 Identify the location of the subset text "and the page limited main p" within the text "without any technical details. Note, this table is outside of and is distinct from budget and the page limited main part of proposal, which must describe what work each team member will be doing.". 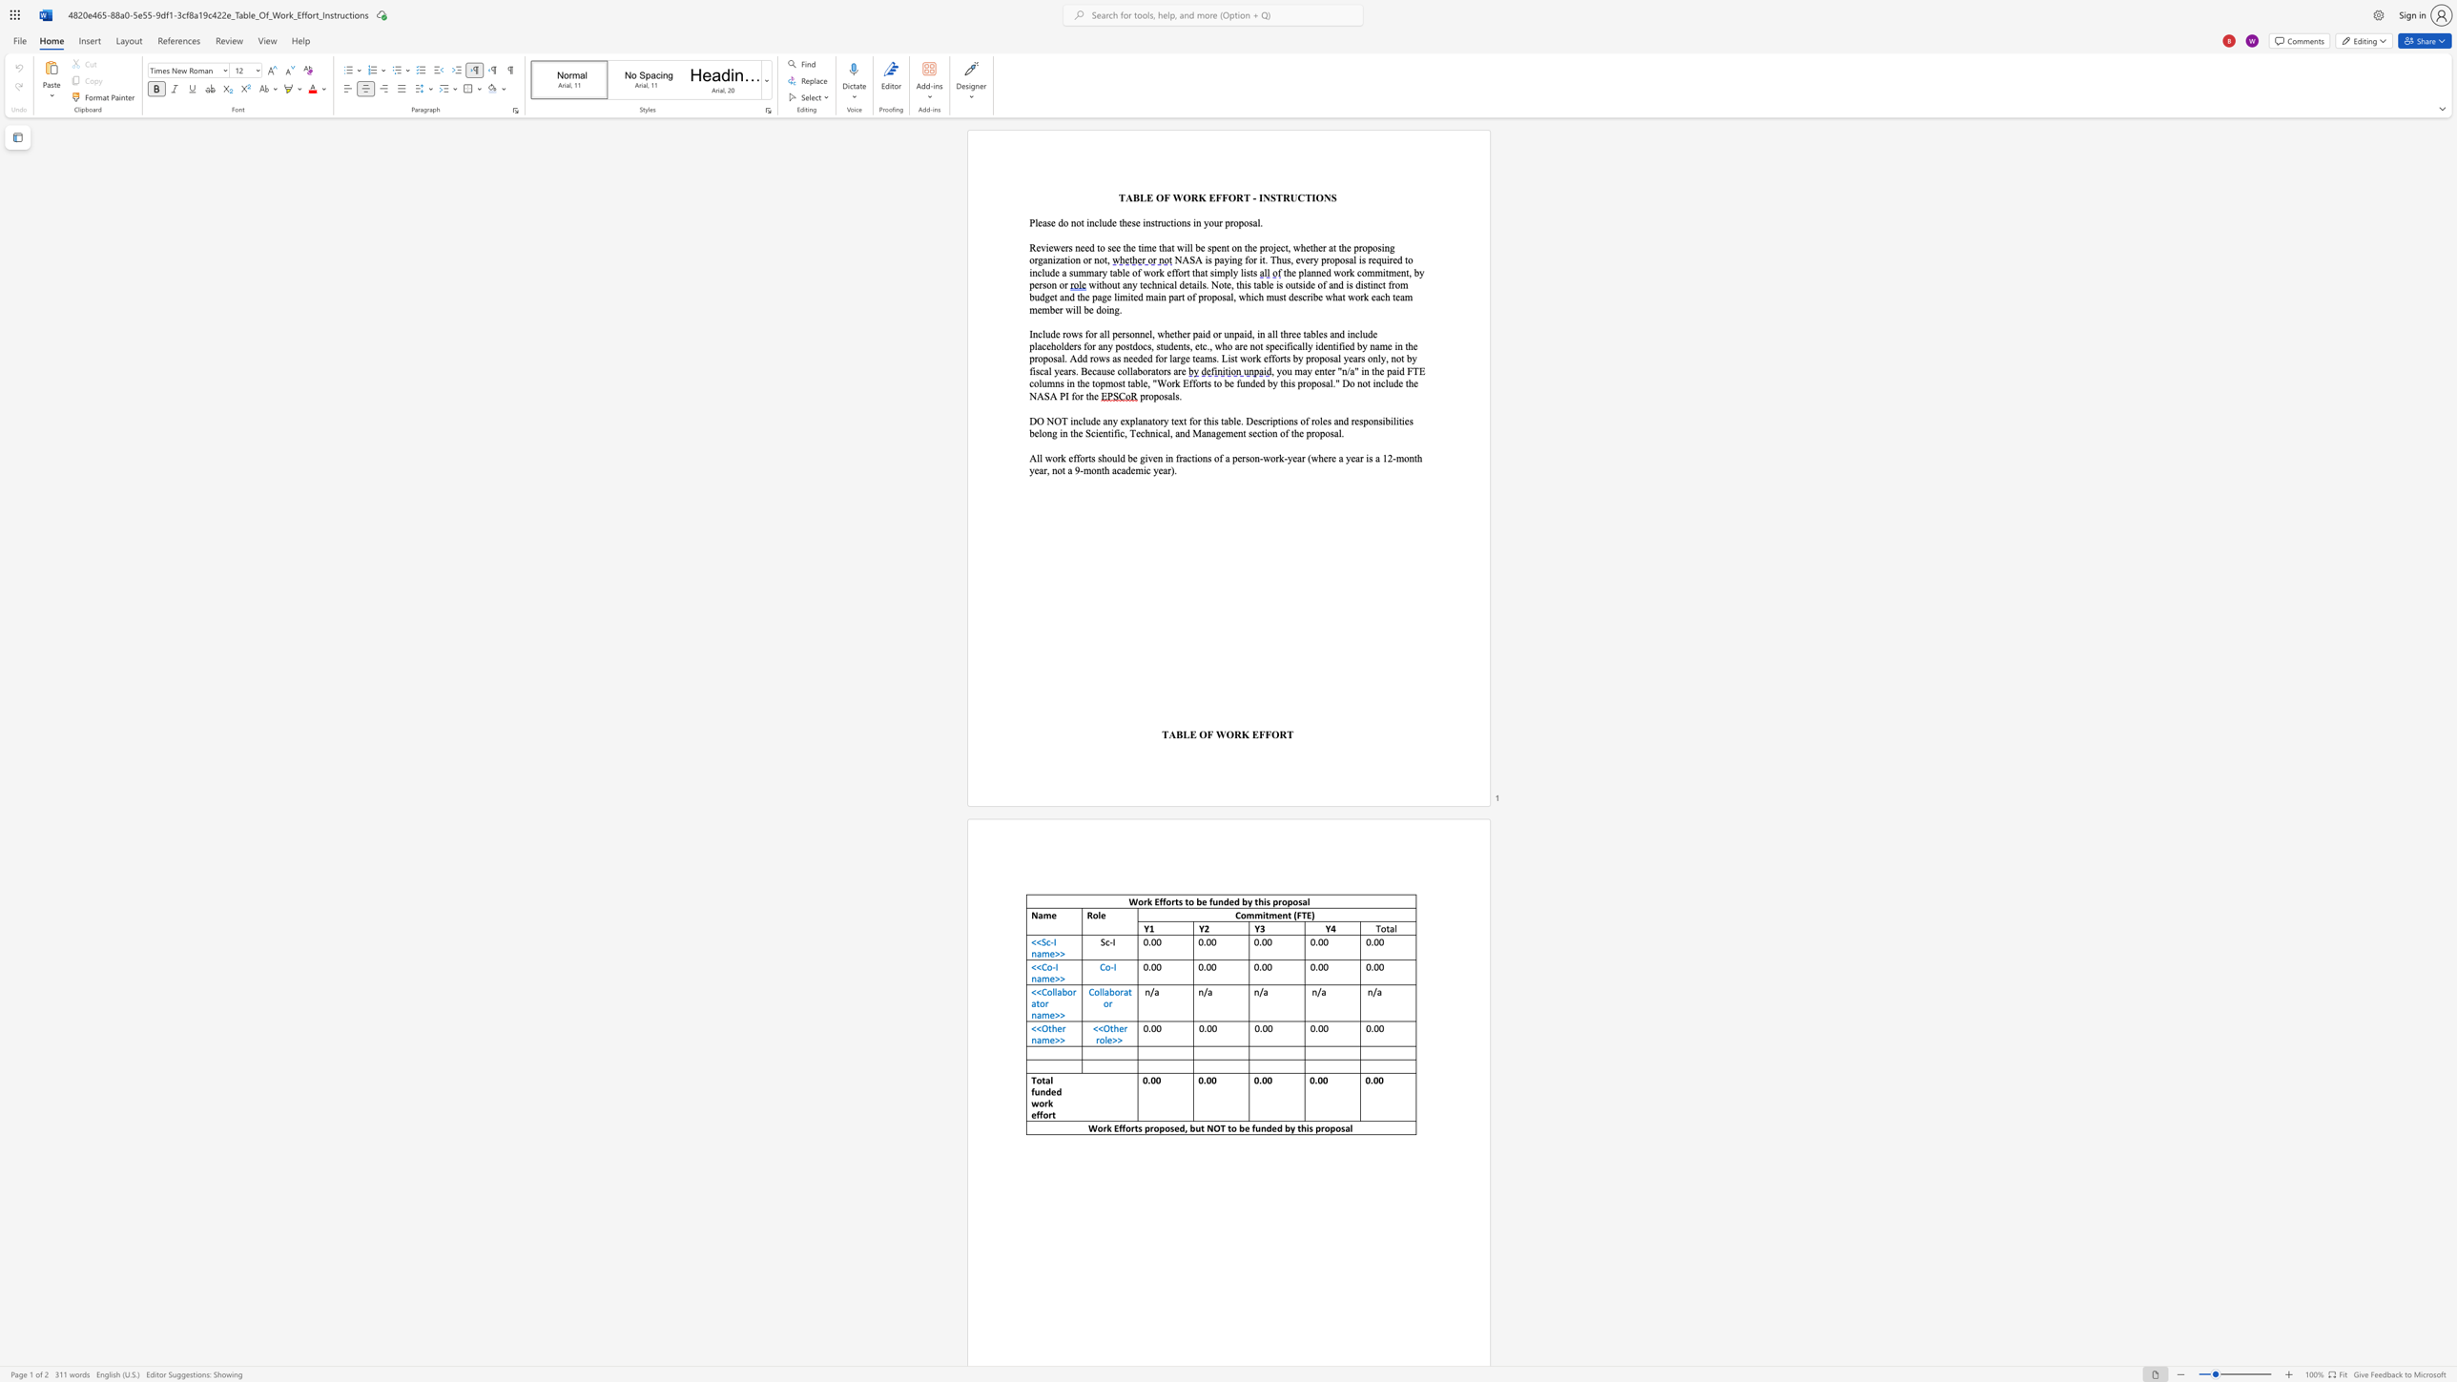
(1060, 297).